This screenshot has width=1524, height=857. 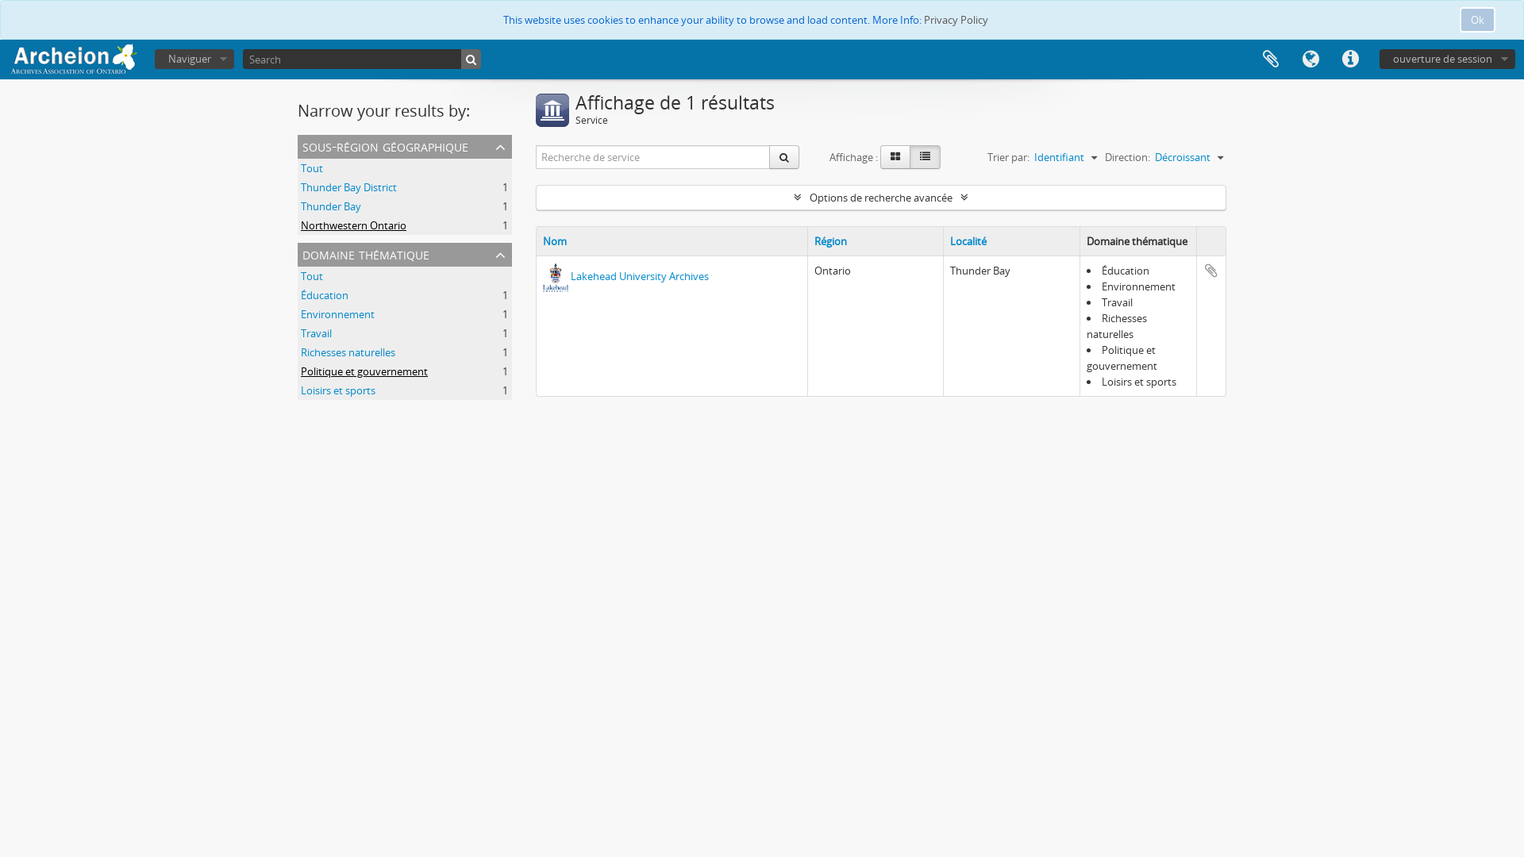 What do you see at coordinates (301, 371) in the screenshot?
I see `'Politique et gouvernement'` at bounding box center [301, 371].